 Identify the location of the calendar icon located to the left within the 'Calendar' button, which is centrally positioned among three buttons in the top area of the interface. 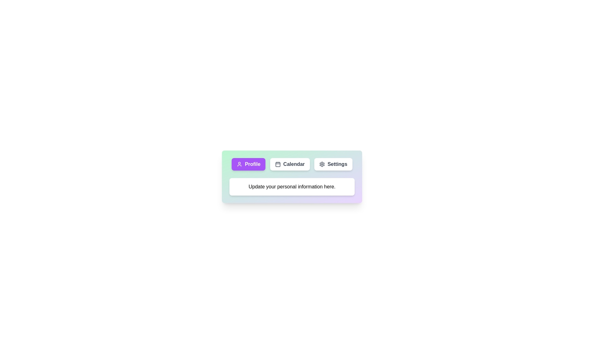
(278, 164).